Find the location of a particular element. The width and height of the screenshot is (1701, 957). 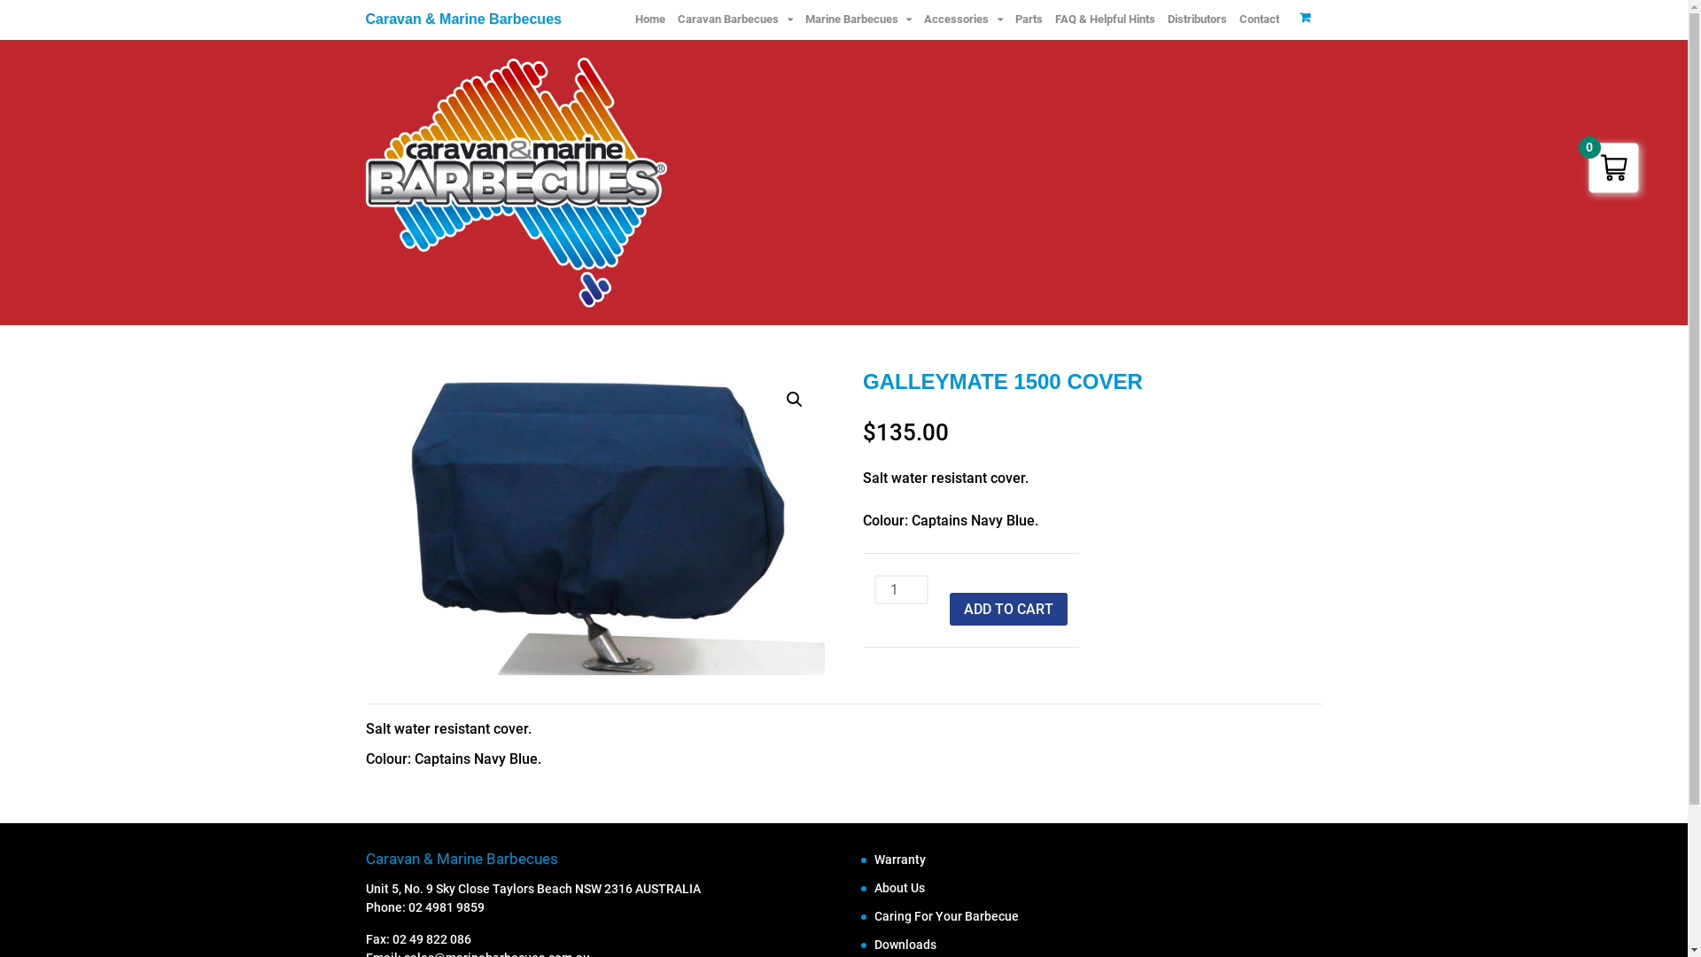

'Downloads' is located at coordinates (874, 943).